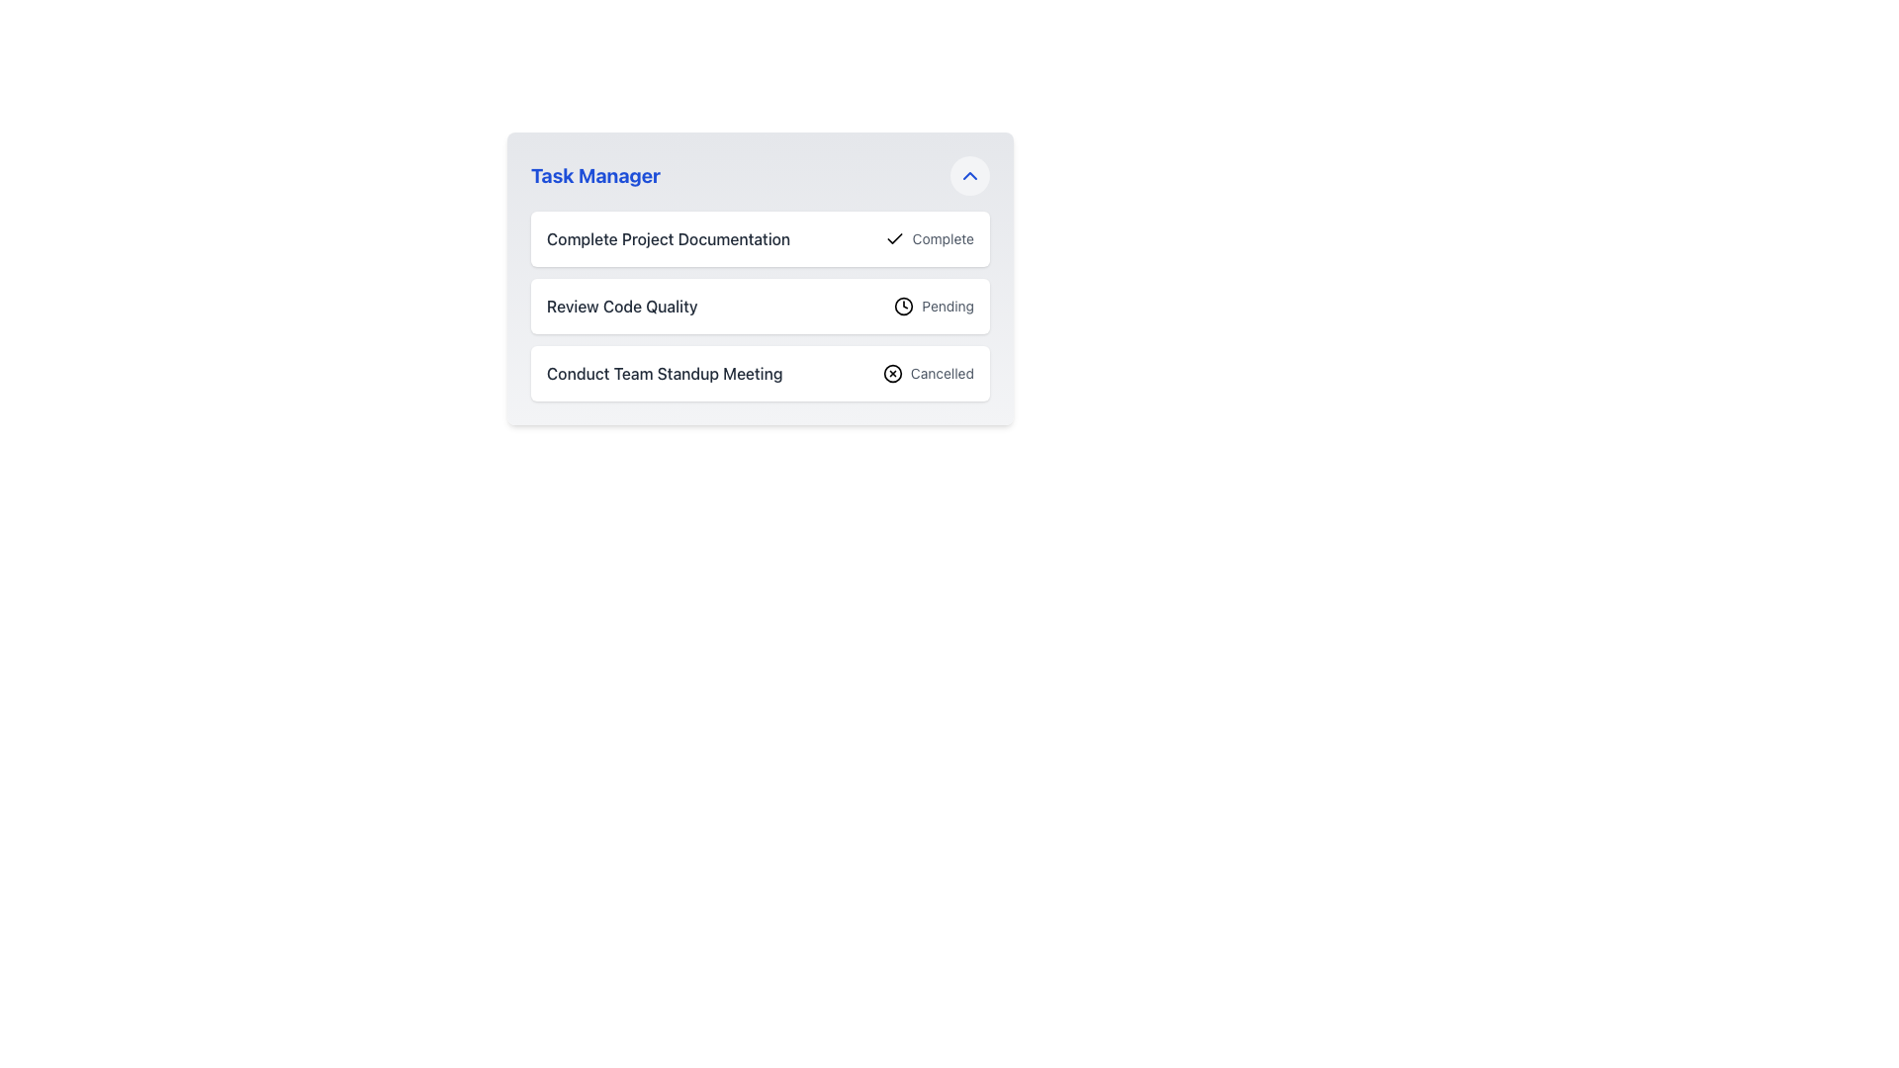 This screenshot has height=1068, width=1899. What do you see at coordinates (941, 374) in the screenshot?
I see `the text label indicating that the associated task has been cancelled, located on the right-hand side of the third row in the 'Task Manager' section, following the circular icon with a cross` at bounding box center [941, 374].